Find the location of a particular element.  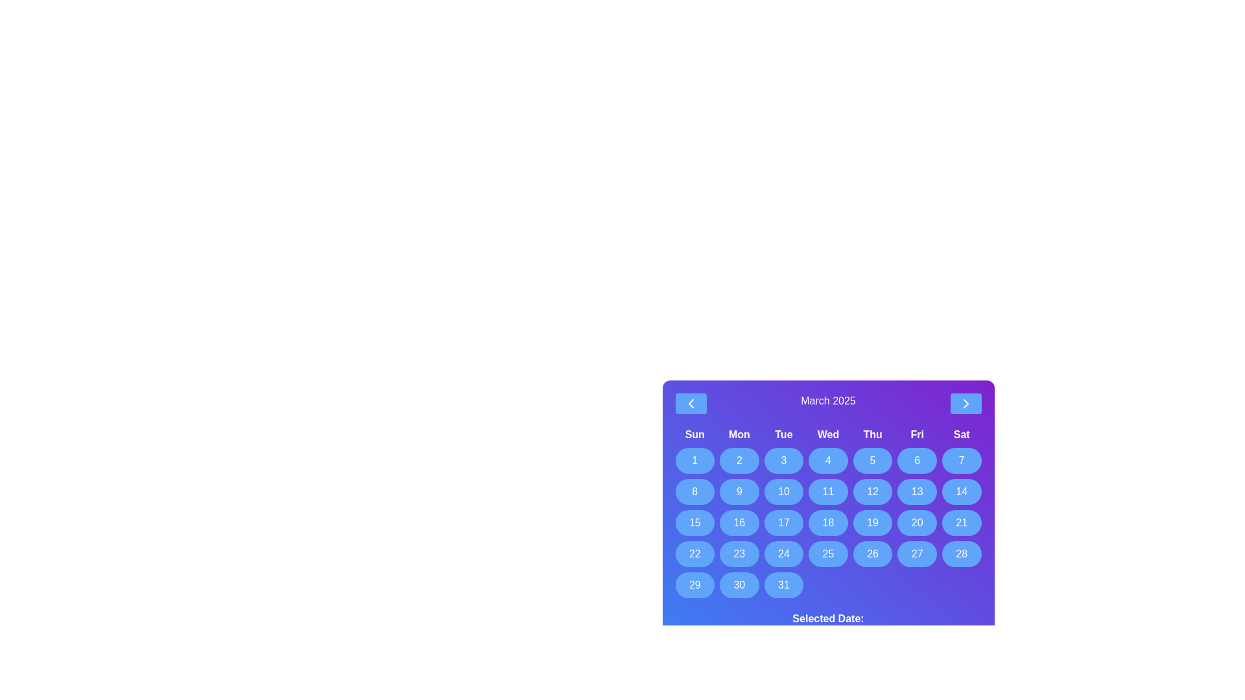

the circular button with a blue background and the white number '16' inside it, located in the calendar interface under the 'Mon.' column in the fifth row is located at coordinates (739, 522).